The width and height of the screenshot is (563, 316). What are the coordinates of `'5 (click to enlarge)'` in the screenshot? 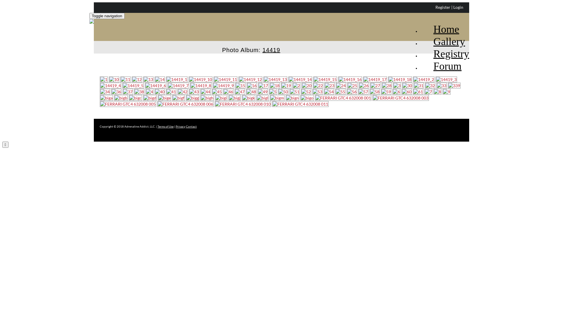 It's located at (268, 92).